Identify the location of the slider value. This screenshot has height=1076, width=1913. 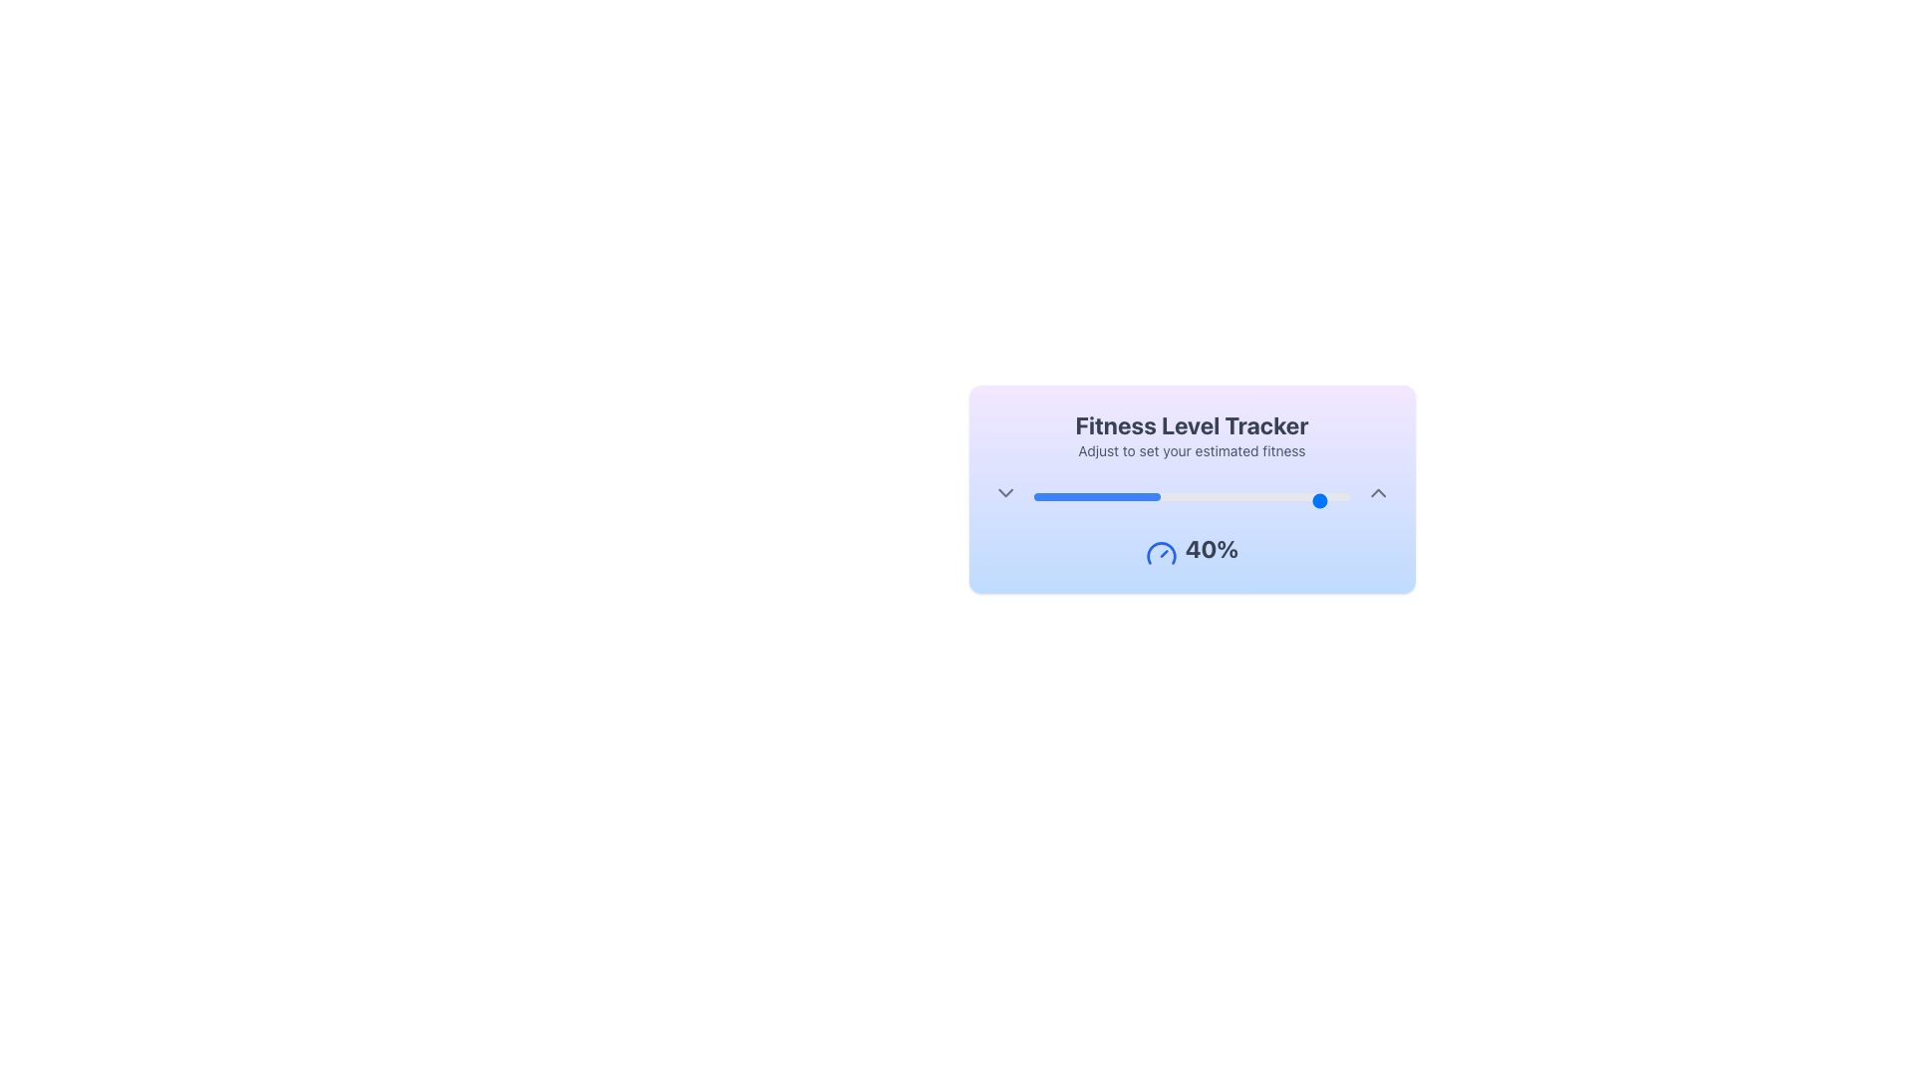
(1083, 492).